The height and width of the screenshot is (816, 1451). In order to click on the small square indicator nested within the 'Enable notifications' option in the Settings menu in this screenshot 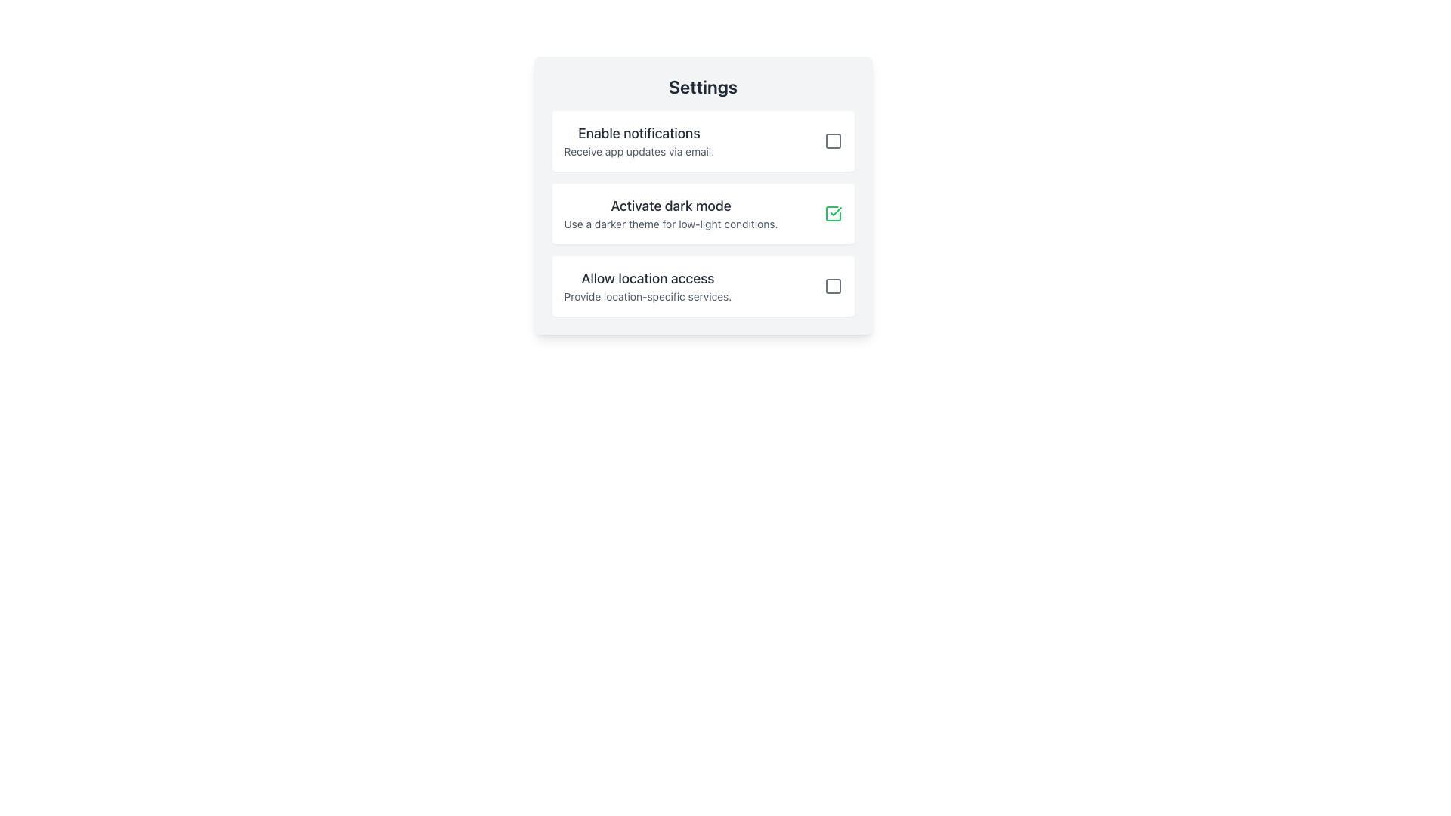, I will do `click(832, 141)`.